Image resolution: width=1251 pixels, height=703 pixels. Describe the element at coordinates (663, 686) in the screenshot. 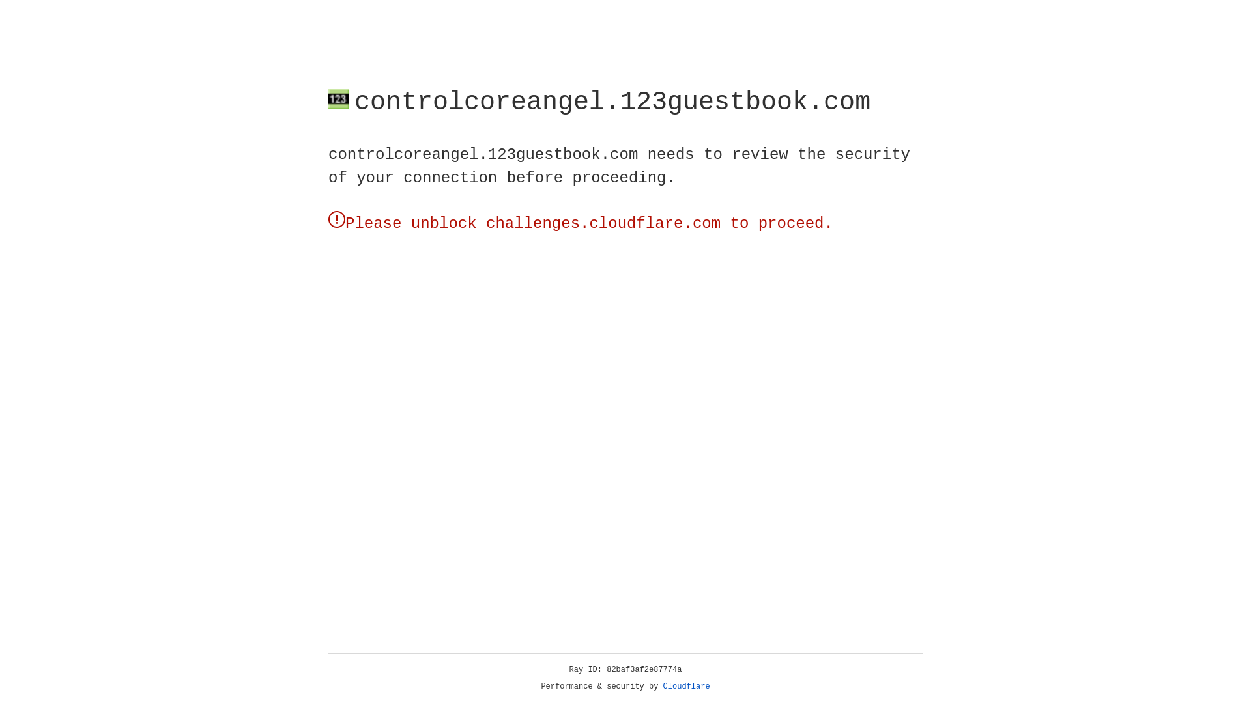

I see `'Cloudflare'` at that location.